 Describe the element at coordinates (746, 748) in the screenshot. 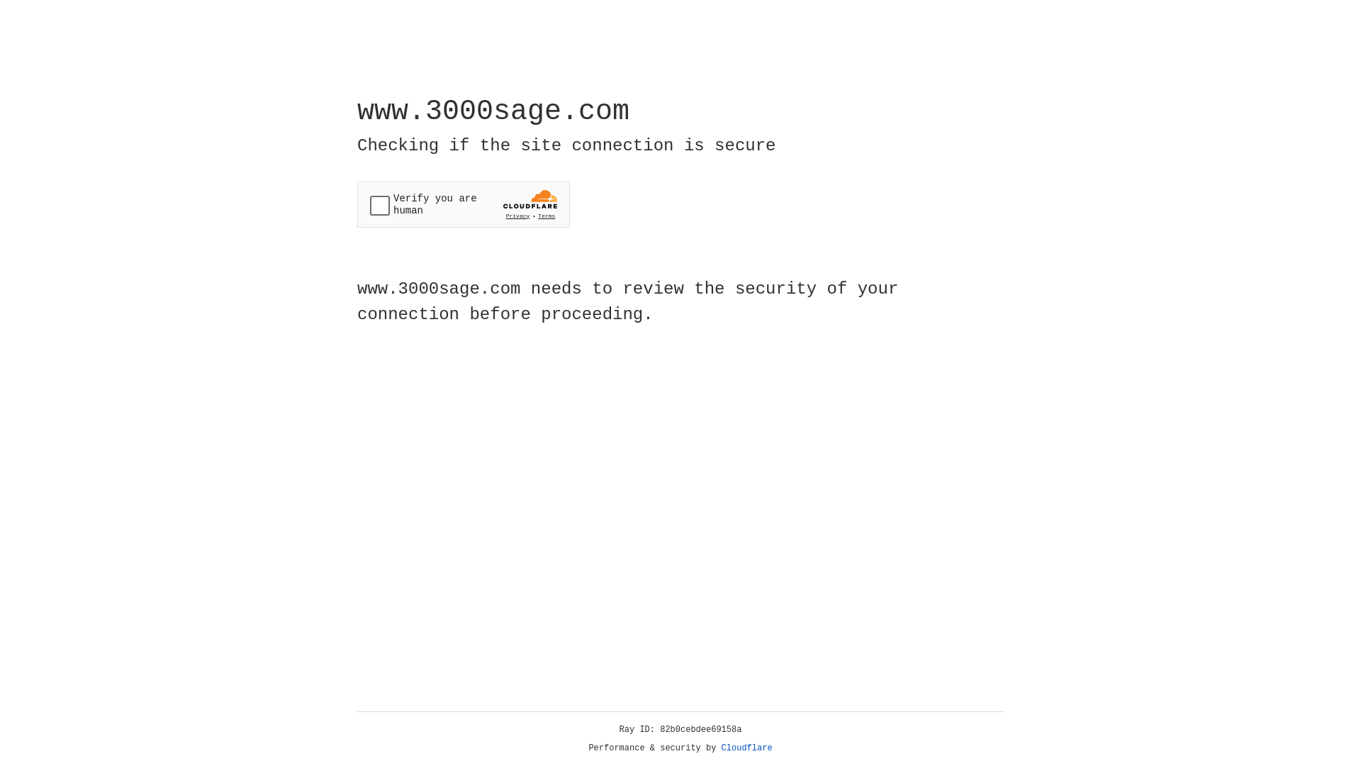

I see `'Cloudflare'` at that location.